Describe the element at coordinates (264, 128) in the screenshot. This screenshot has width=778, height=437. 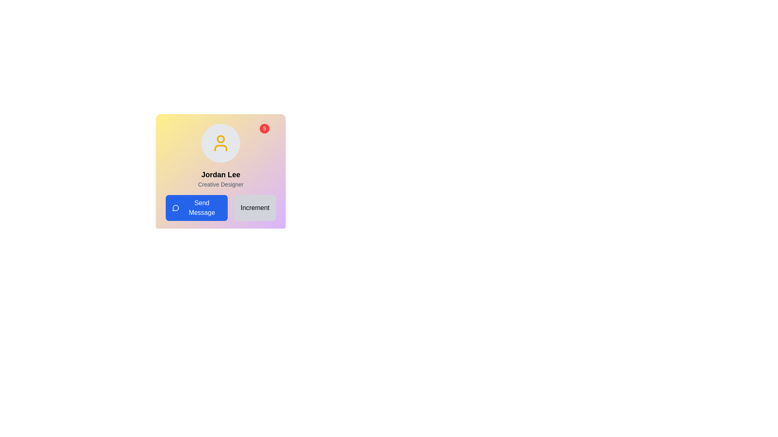
I see `the content displayed on the Notification Badge located at the top-right corner of the profile card interface` at that location.